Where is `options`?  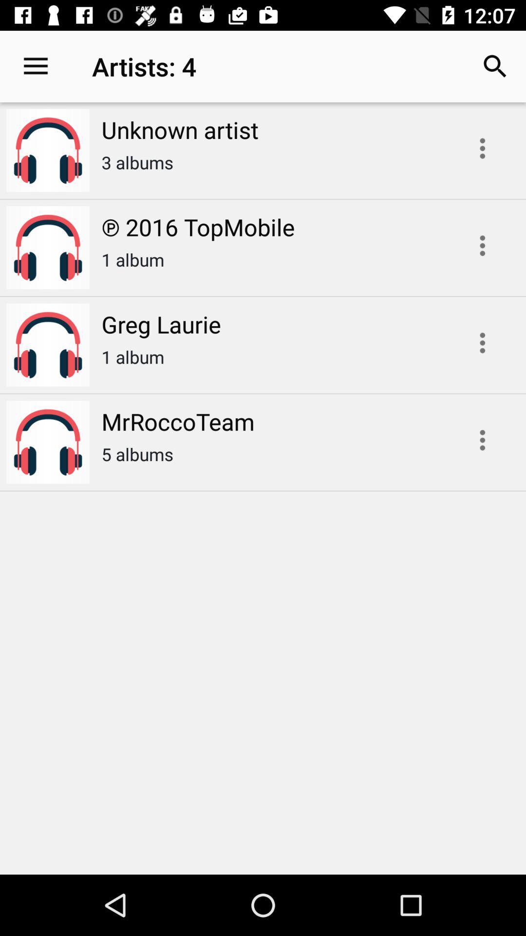 options is located at coordinates (482, 439).